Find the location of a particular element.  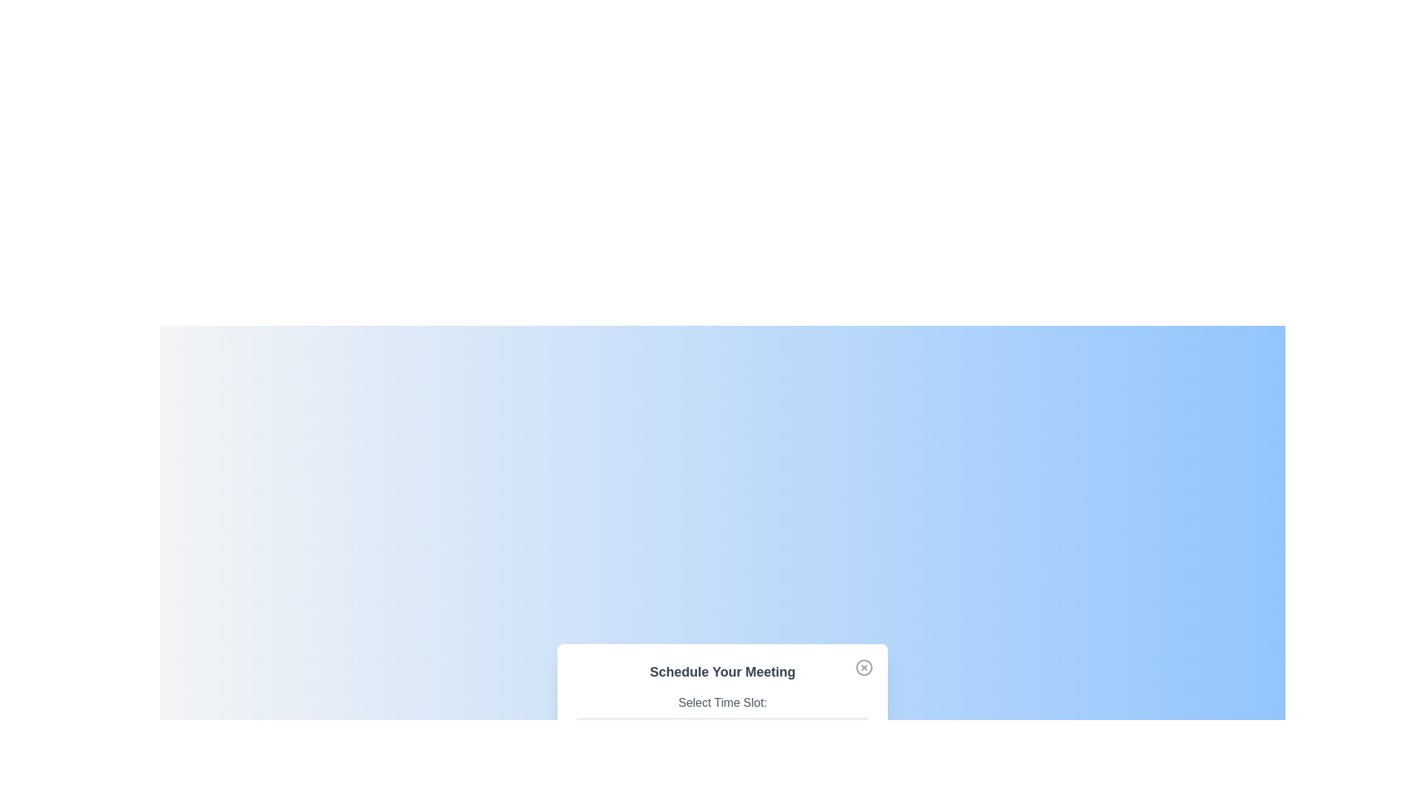

the time slot 2:00 PM from the dropdown menu is located at coordinates (722, 730).